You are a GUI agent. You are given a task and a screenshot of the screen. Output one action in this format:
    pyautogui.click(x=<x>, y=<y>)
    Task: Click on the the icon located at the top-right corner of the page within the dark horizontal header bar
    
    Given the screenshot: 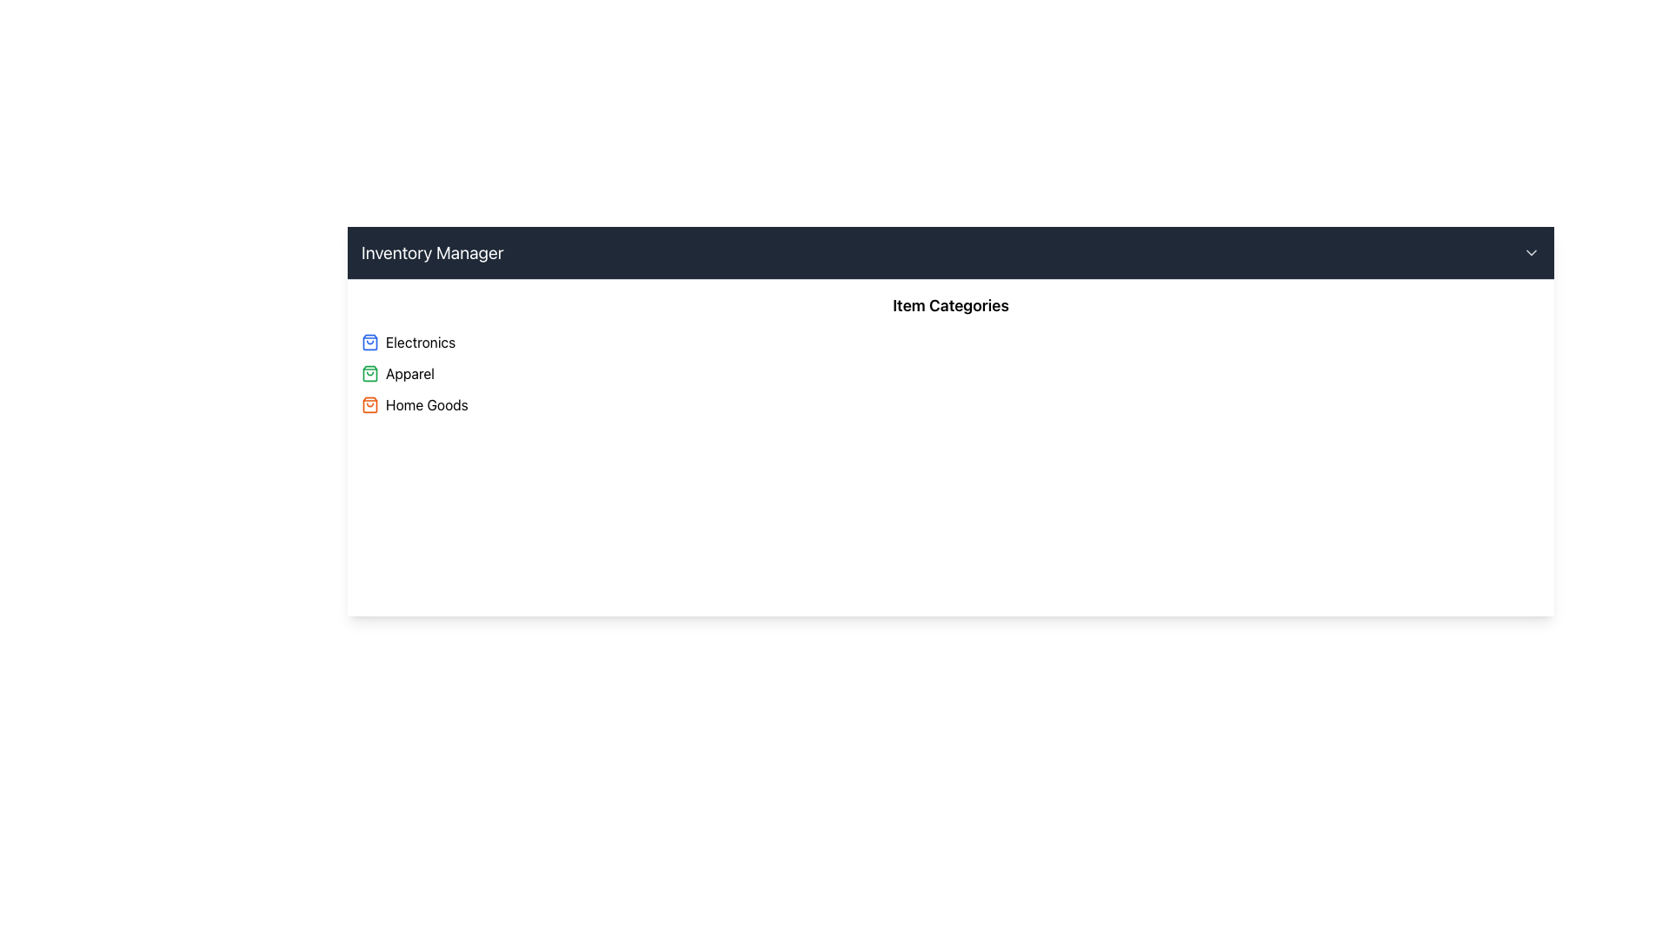 What is the action you would take?
    pyautogui.click(x=1531, y=252)
    